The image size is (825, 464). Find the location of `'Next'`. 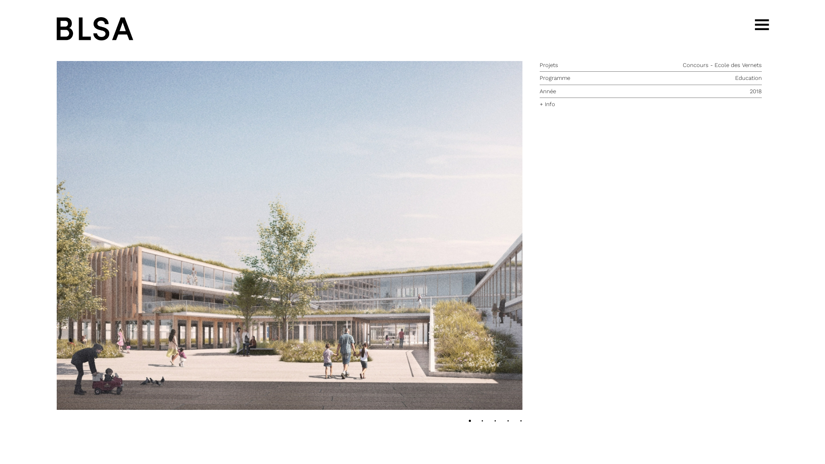

'Next' is located at coordinates (289, 235).